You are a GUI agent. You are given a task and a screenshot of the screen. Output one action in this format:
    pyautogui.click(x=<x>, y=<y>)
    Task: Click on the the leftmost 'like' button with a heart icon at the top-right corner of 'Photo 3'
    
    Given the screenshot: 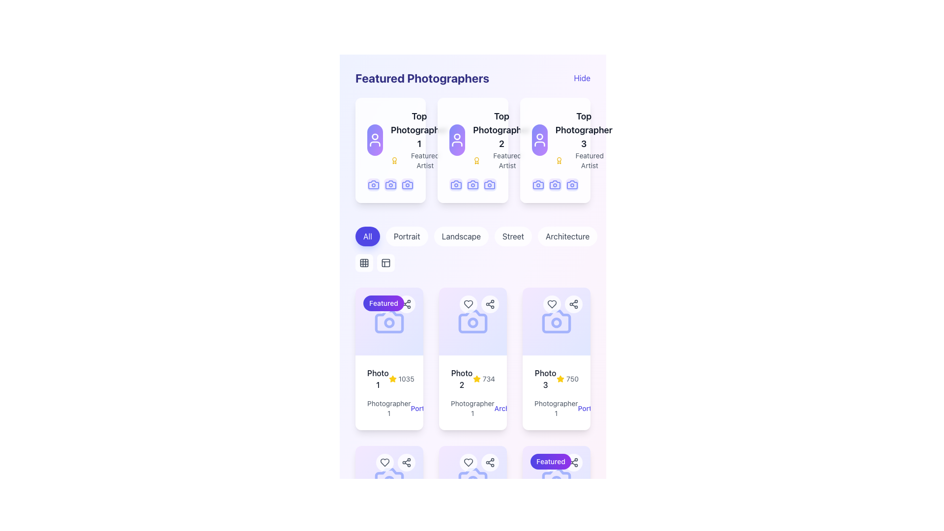 What is the action you would take?
    pyautogui.click(x=552, y=303)
    